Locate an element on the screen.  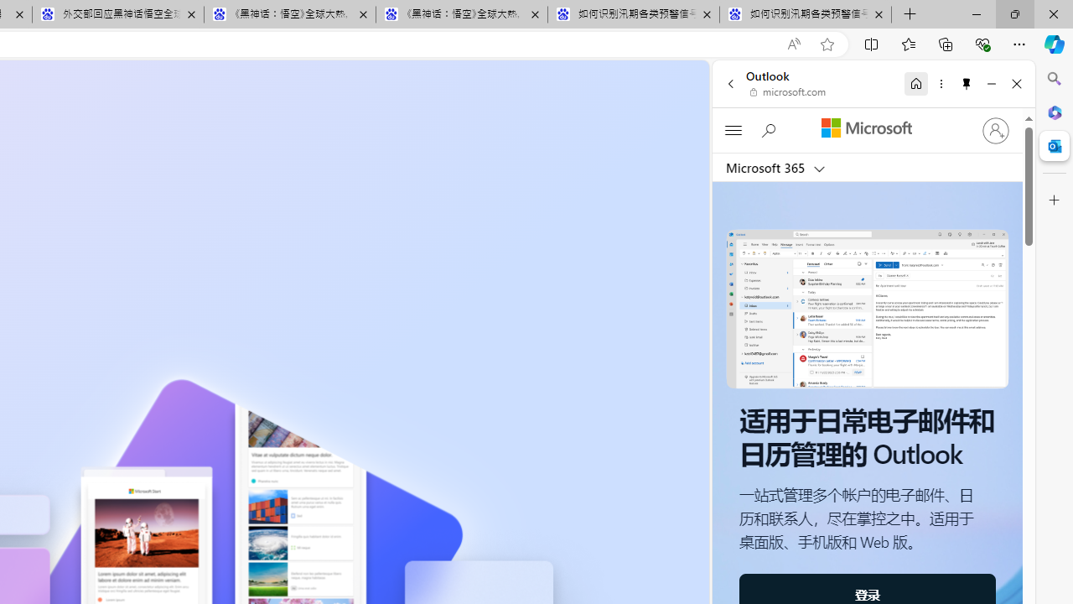
'Back' is located at coordinates (730, 83).